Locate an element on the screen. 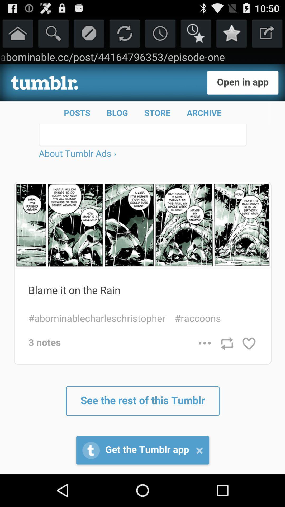  the time icon is located at coordinates (196, 35).